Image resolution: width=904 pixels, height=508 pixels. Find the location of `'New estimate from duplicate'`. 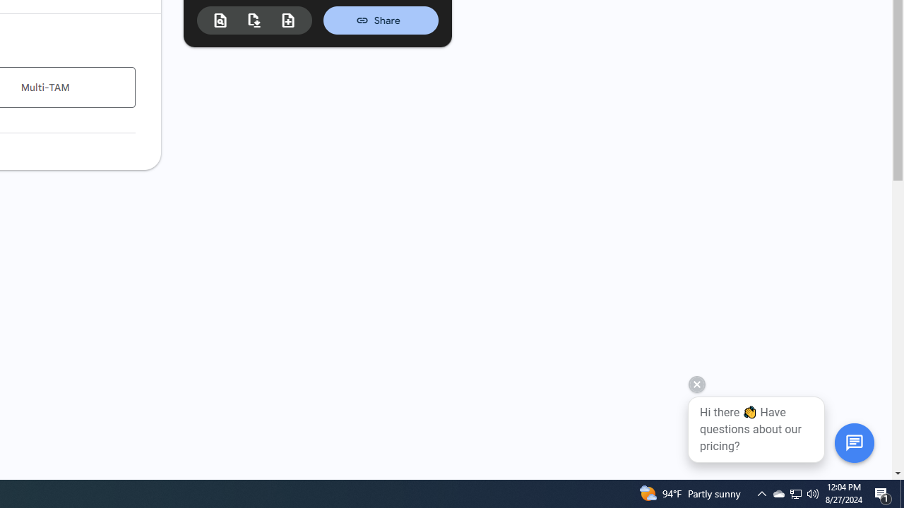

'New estimate from duplicate' is located at coordinates (287, 20).